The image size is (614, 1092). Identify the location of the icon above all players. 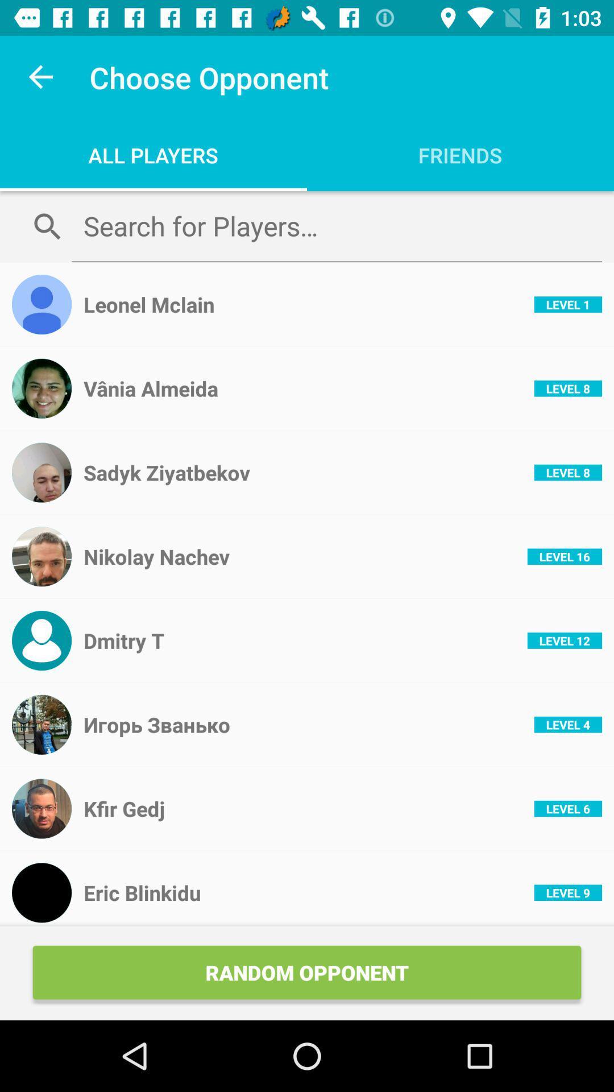
(41, 77).